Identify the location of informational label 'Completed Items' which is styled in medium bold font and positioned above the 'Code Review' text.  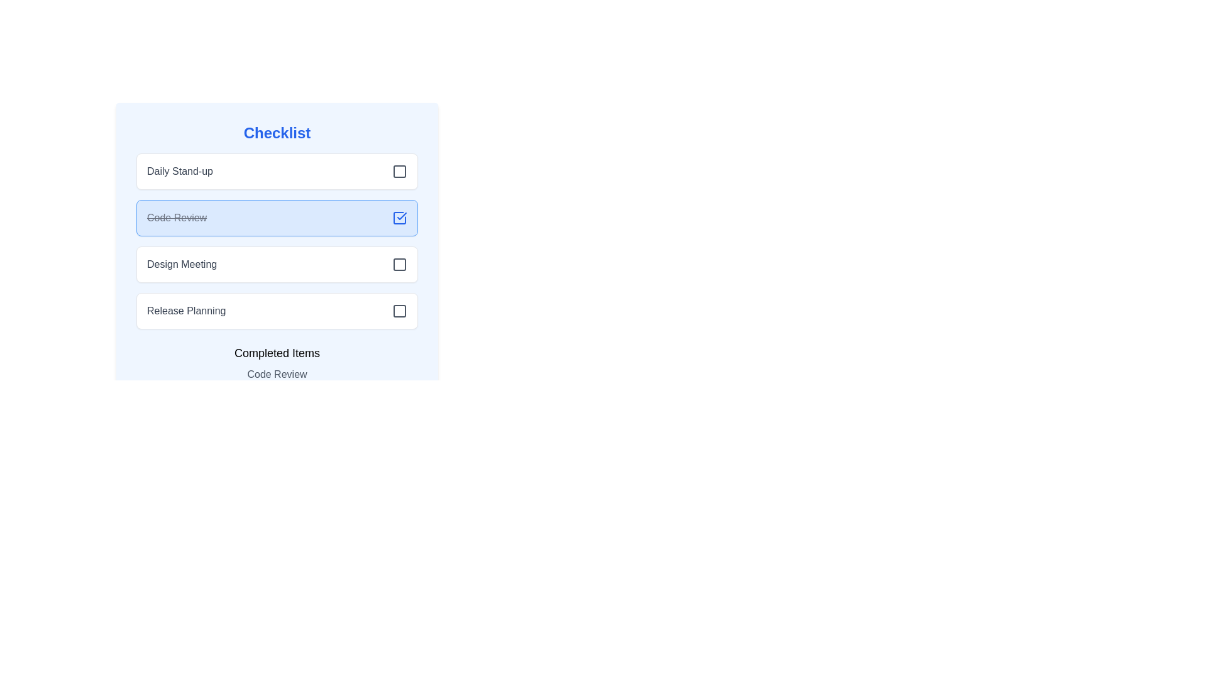
(277, 353).